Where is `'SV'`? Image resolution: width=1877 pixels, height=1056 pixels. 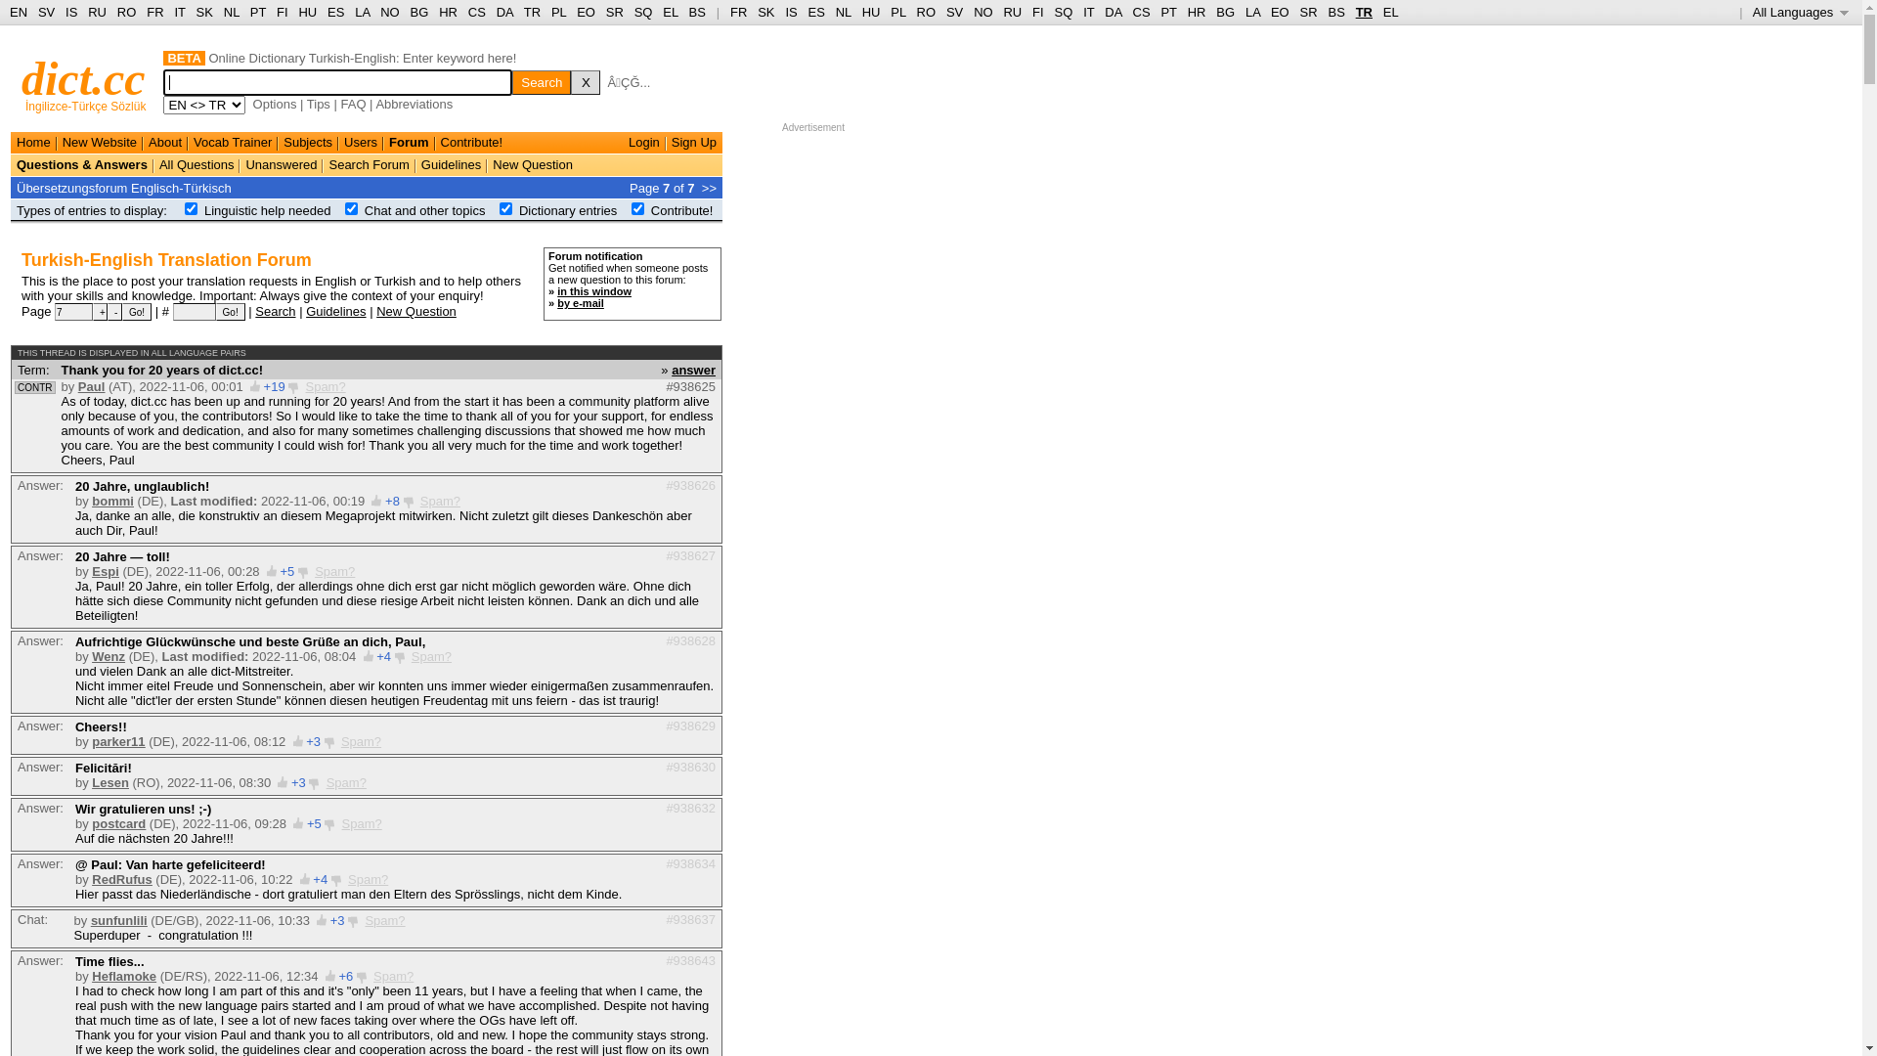 'SV' is located at coordinates (946, 12).